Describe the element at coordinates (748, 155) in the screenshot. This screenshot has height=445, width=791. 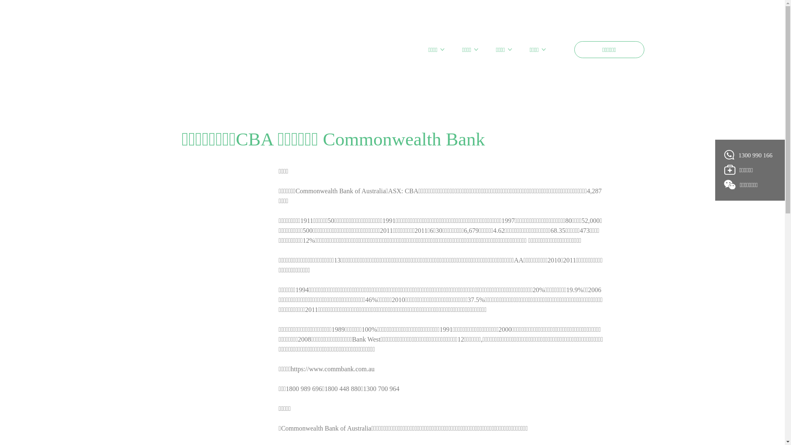
I see `'1300 990 166'` at that location.